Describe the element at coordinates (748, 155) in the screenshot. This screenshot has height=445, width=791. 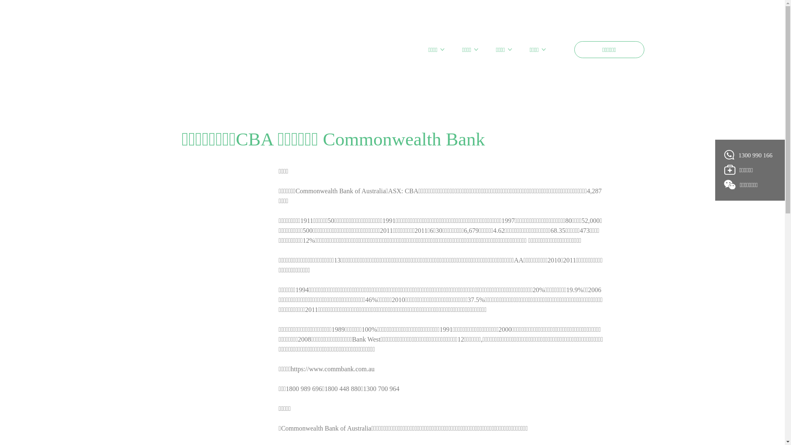
I see `'1300 990 166'` at that location.